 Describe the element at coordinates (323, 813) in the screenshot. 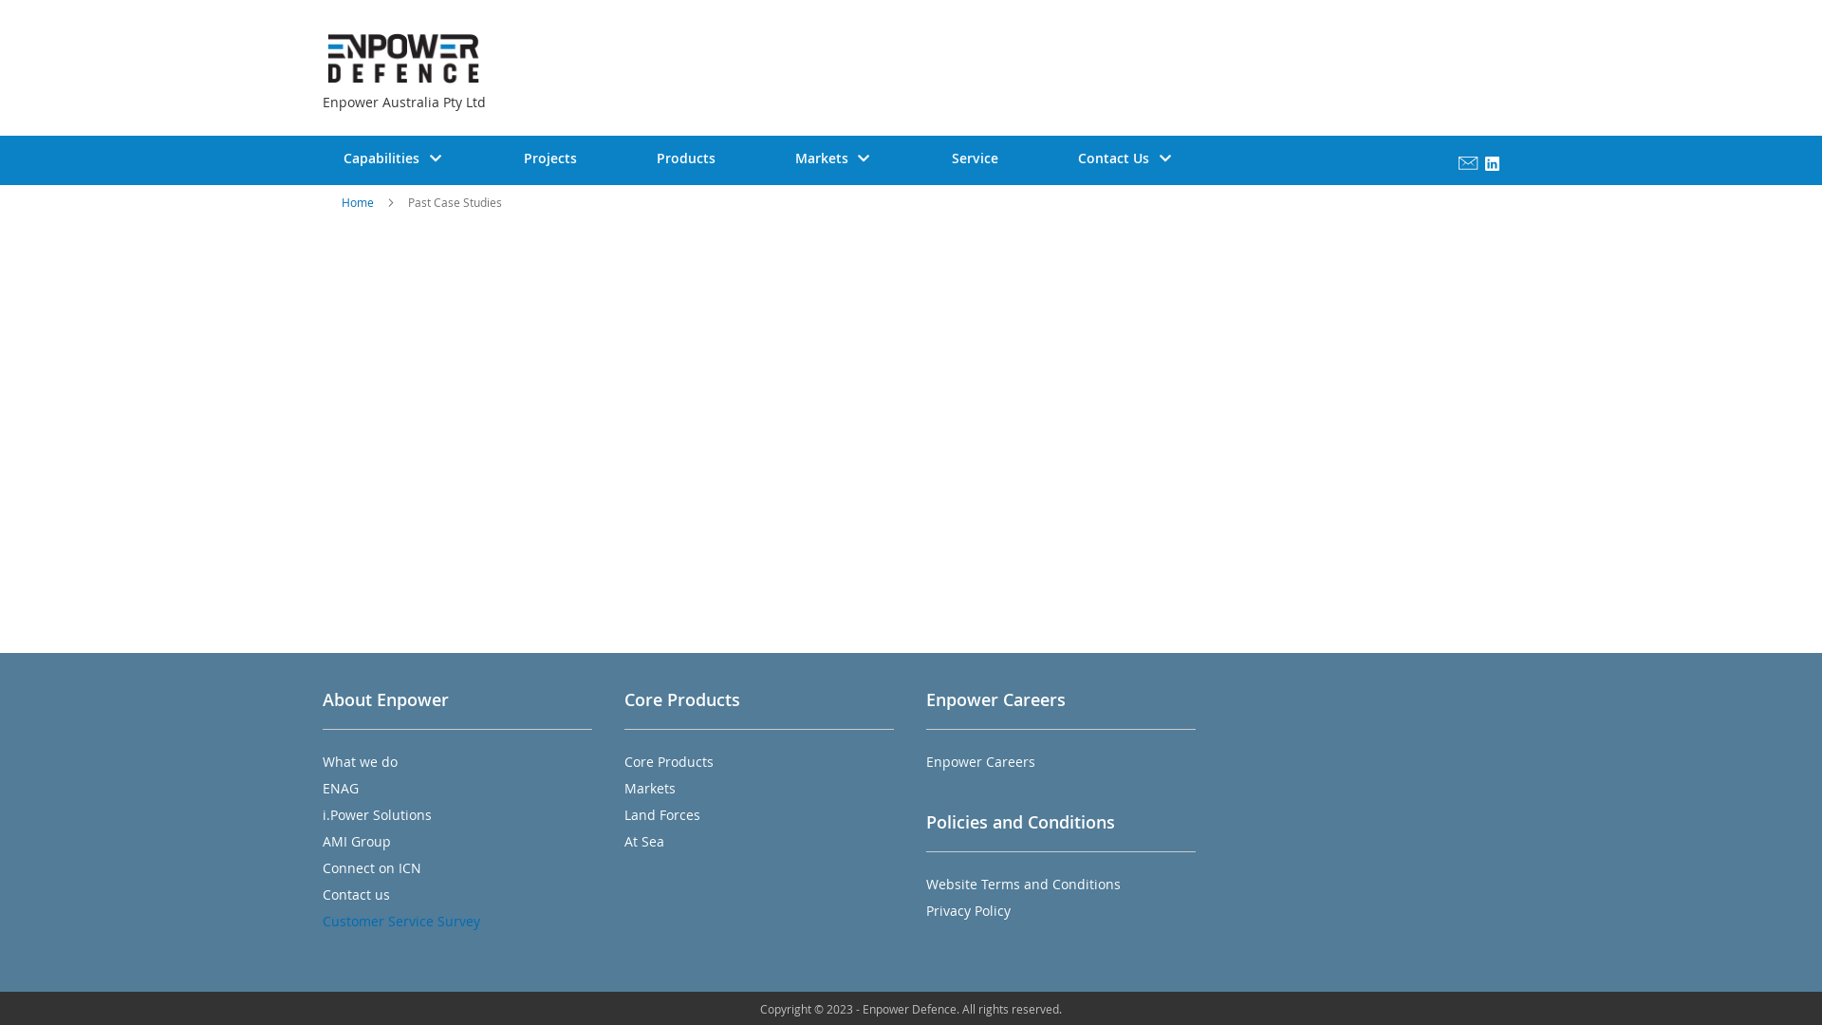

I see `'i.Power Solutions'` at that location.